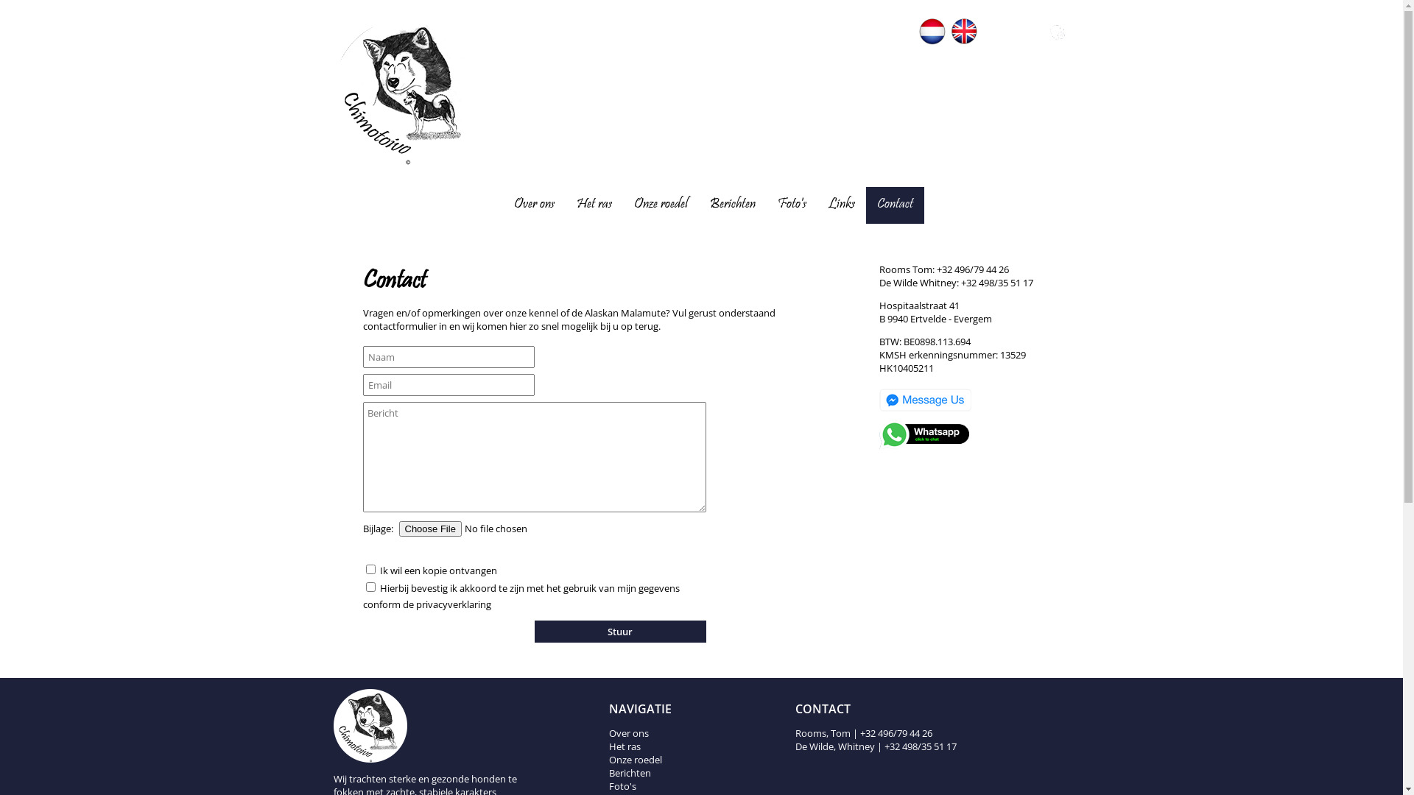 Image resolution: width=1414 pixels, height=795 pixels. I want to click on 'Chimotoivo Alaskan Malamute Kennel', so click(407, 91).